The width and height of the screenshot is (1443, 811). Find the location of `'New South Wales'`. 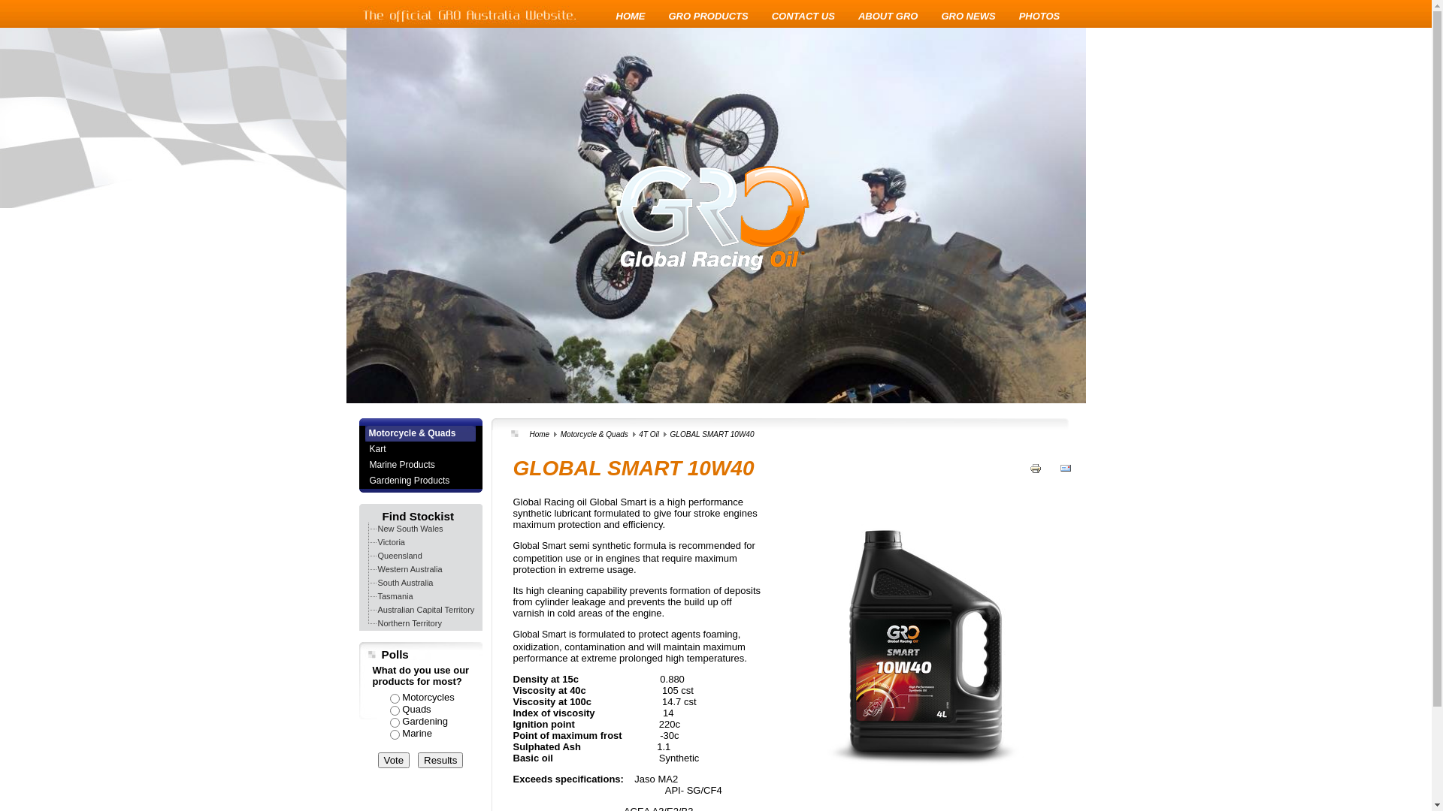

'New South Wales' is located at coordinates (410, 528).